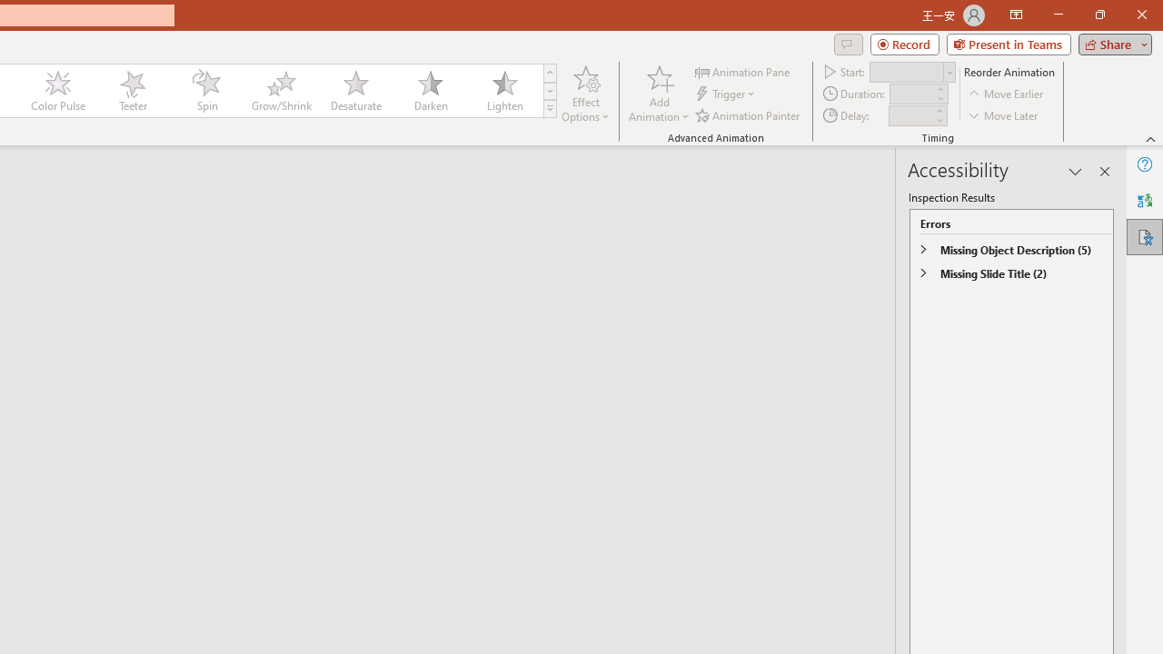 The width and height of the screenshot is (1163, 654). Describe the element at coordinates (58, 91) in the screenshot. I see `'Color Pulse'` at that location.